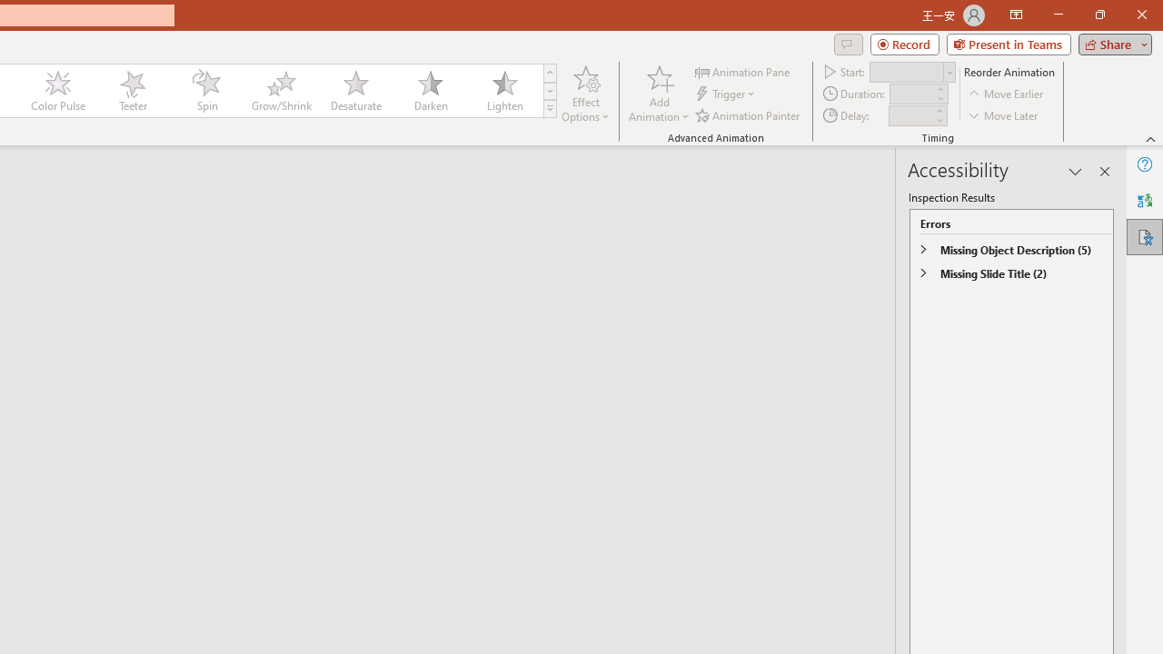 The width and height of the screenshot is (1163, 654). Describe the element at coordinates (58, 91) in the screenshot. I see `'Color Pulse'` at that location.